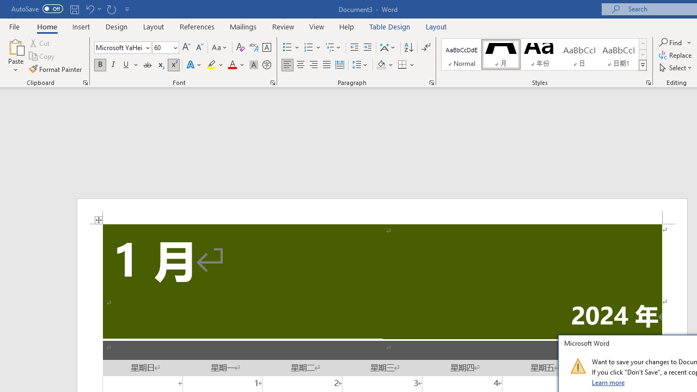  What do you see at coordinates (608, 382) in the screenshot?
I see `'Learn more'` at bounding box center [608, 382].